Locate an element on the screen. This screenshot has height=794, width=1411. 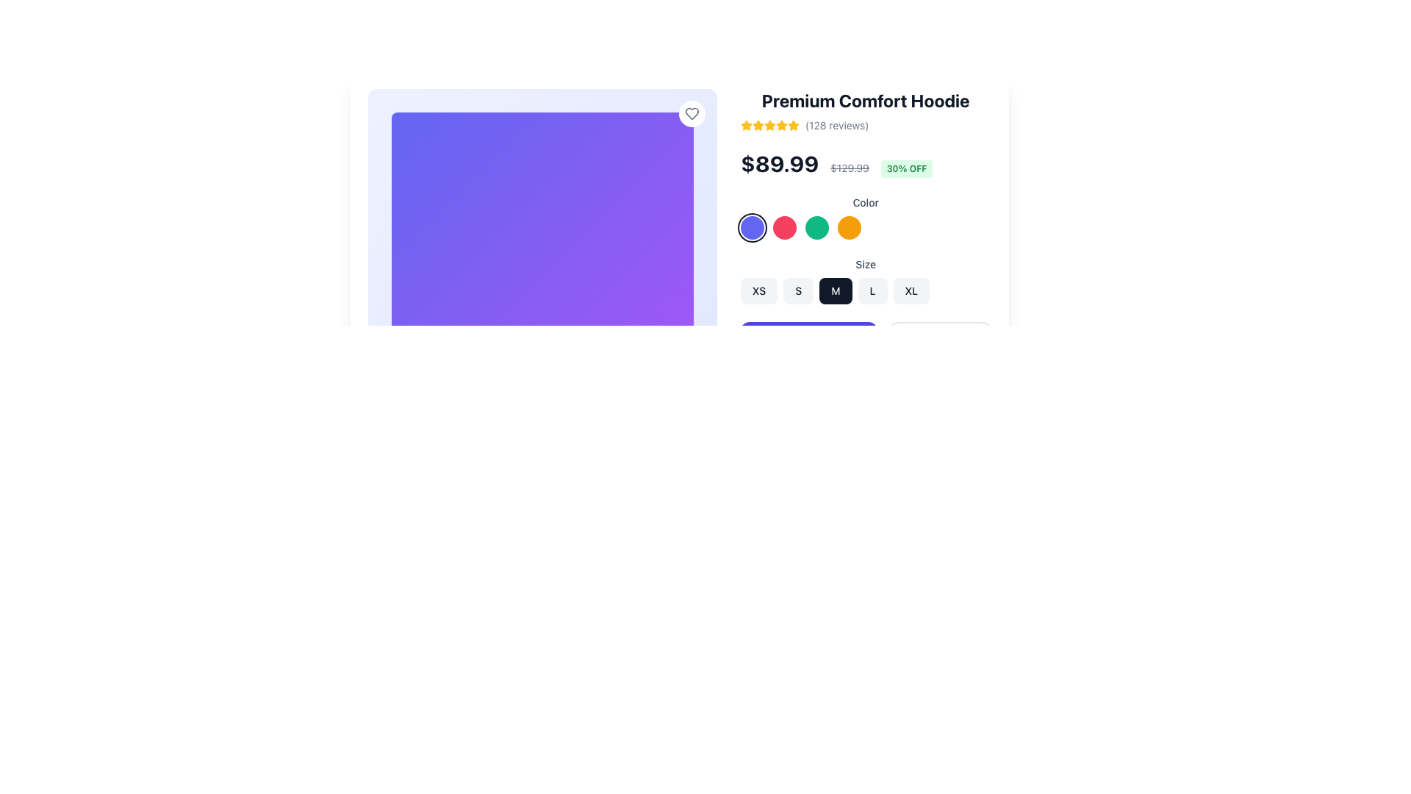
the fifth star icon in the rating system, which is part of a horizontally arranged group of six stars located in the upper-right section of the interface is located at coordinates (769, 124).